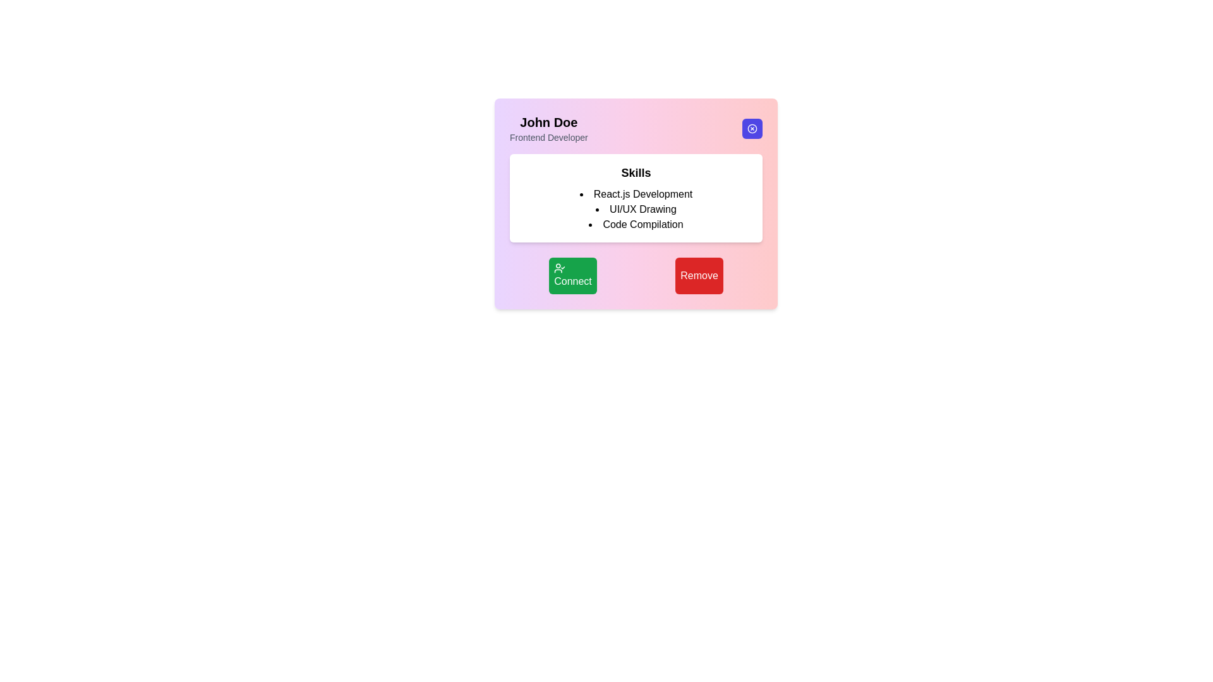 This screenshot has height=682, width=1213. Describe the element at coordinates (636, 208) in the screenshot. I see `the second item in the bullet-pointed list under the 'Skills' section, which provides information about the subject's abilities` at that location.